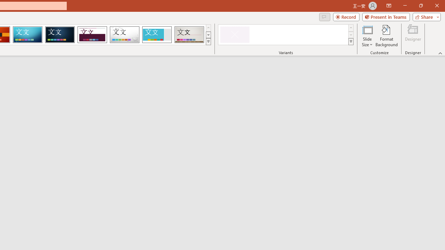 The width and height of the screenshot is (445, 250). I want to click on 'Gallery Loading Preview...', so click(189, 35).